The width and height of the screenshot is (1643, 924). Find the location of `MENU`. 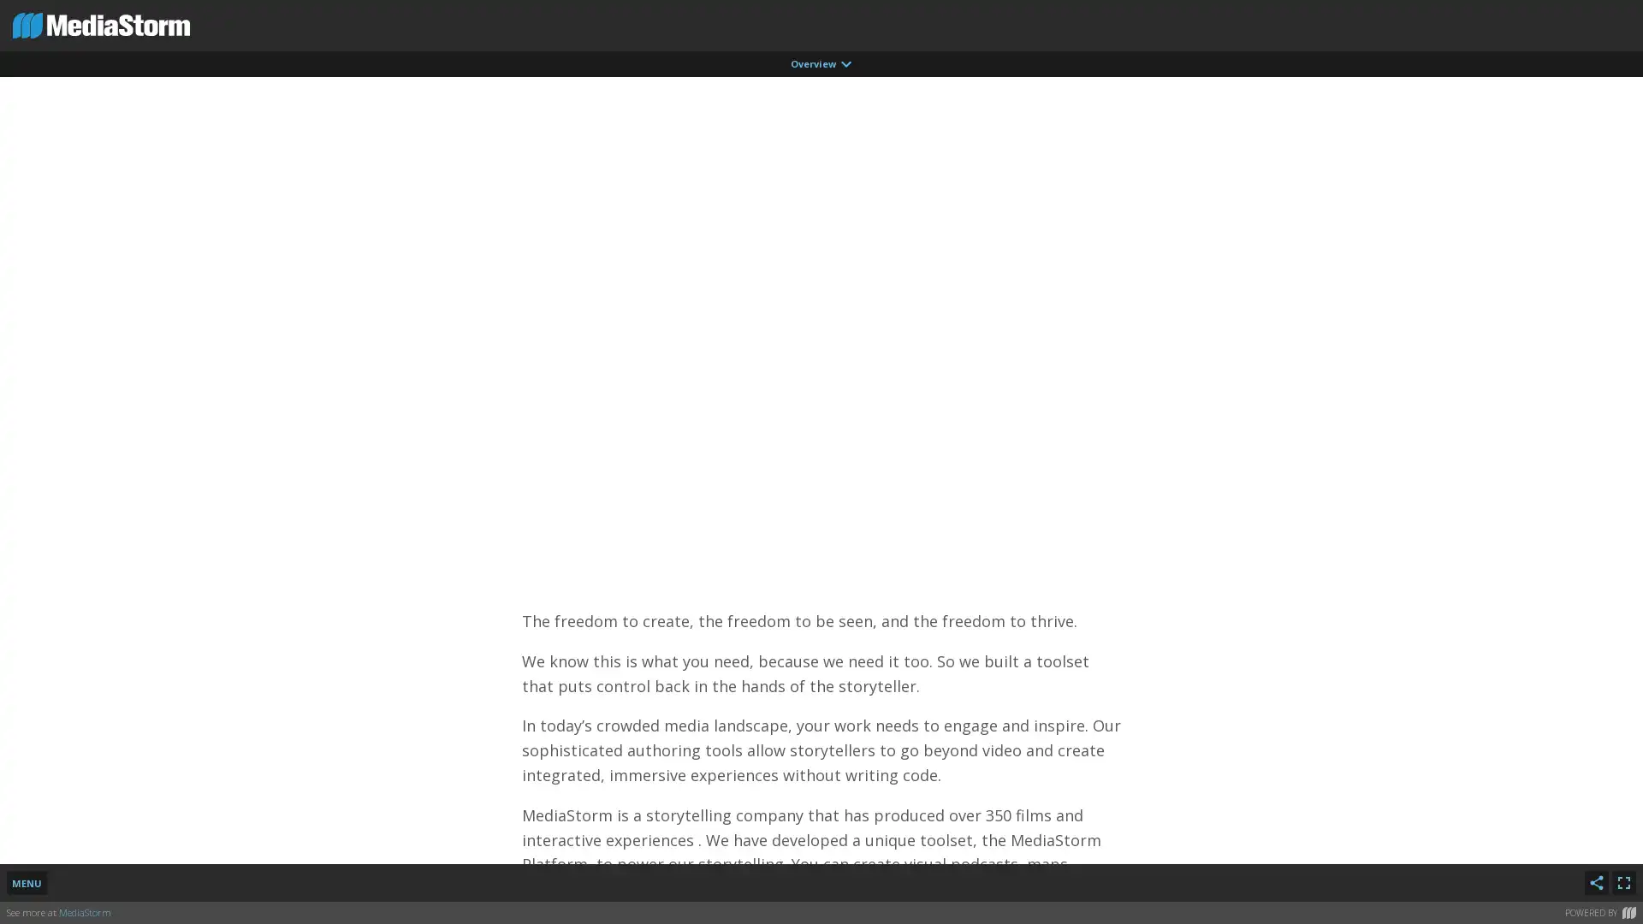

MENU is located at coordinates (31, 883).